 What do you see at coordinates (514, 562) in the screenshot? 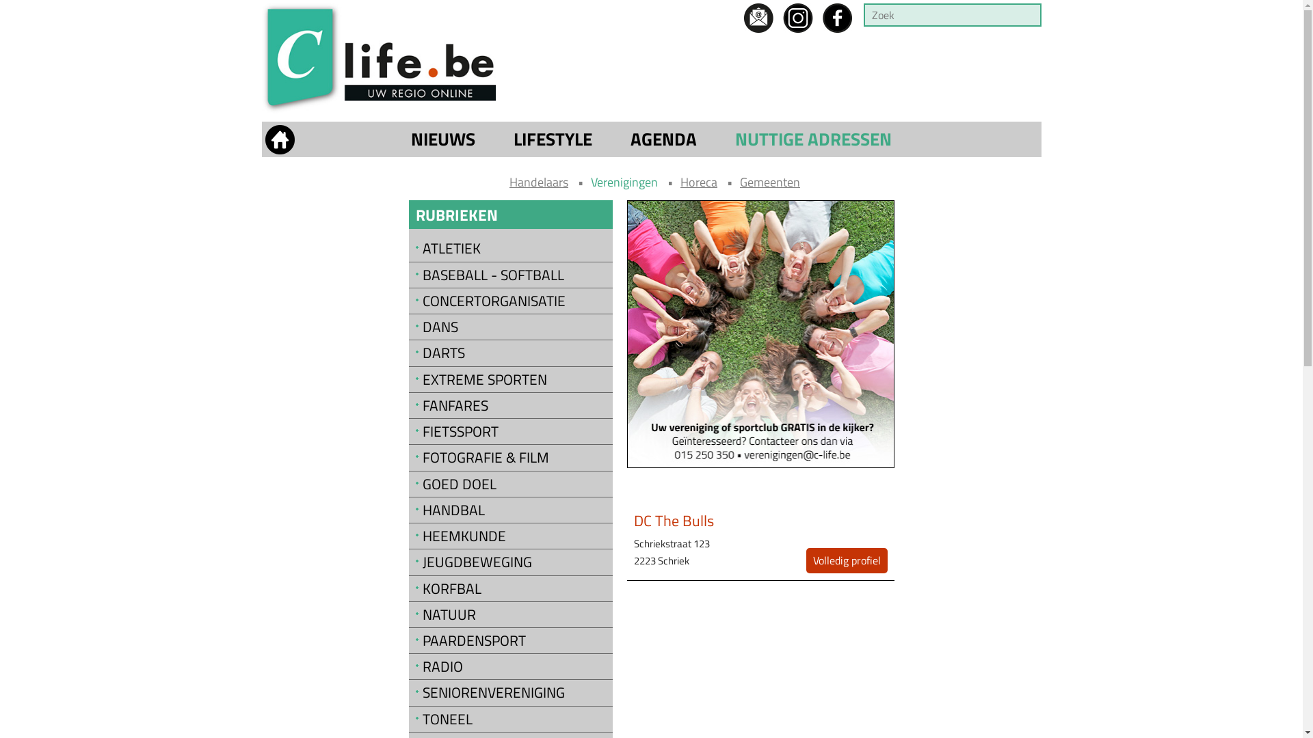
I see `'JEUGDBEWEGING'` at bounding box center [514, 562].